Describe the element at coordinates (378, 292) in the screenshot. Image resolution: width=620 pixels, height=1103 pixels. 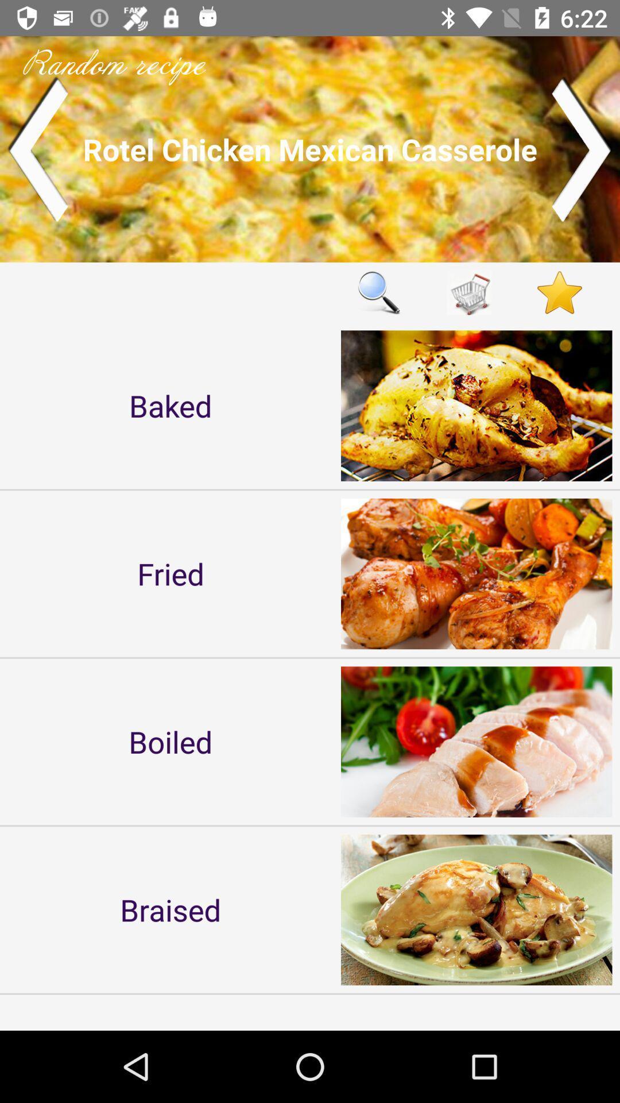
I see `search option` at that location.